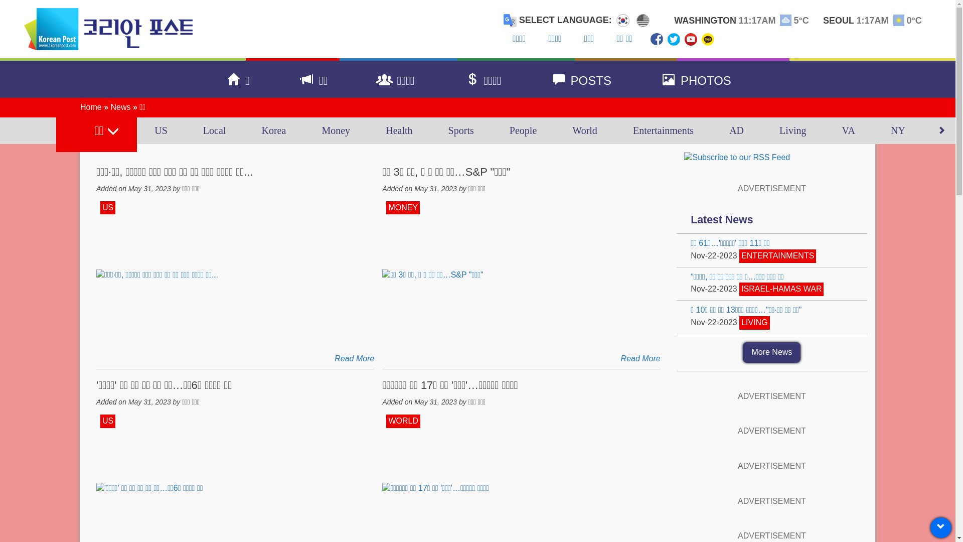 The height and width of the screenshot is (542, 963). What do you see at coordinates (622, 19) in the screenshot?
I see `'Korean'` at bounding box center [622, 19].